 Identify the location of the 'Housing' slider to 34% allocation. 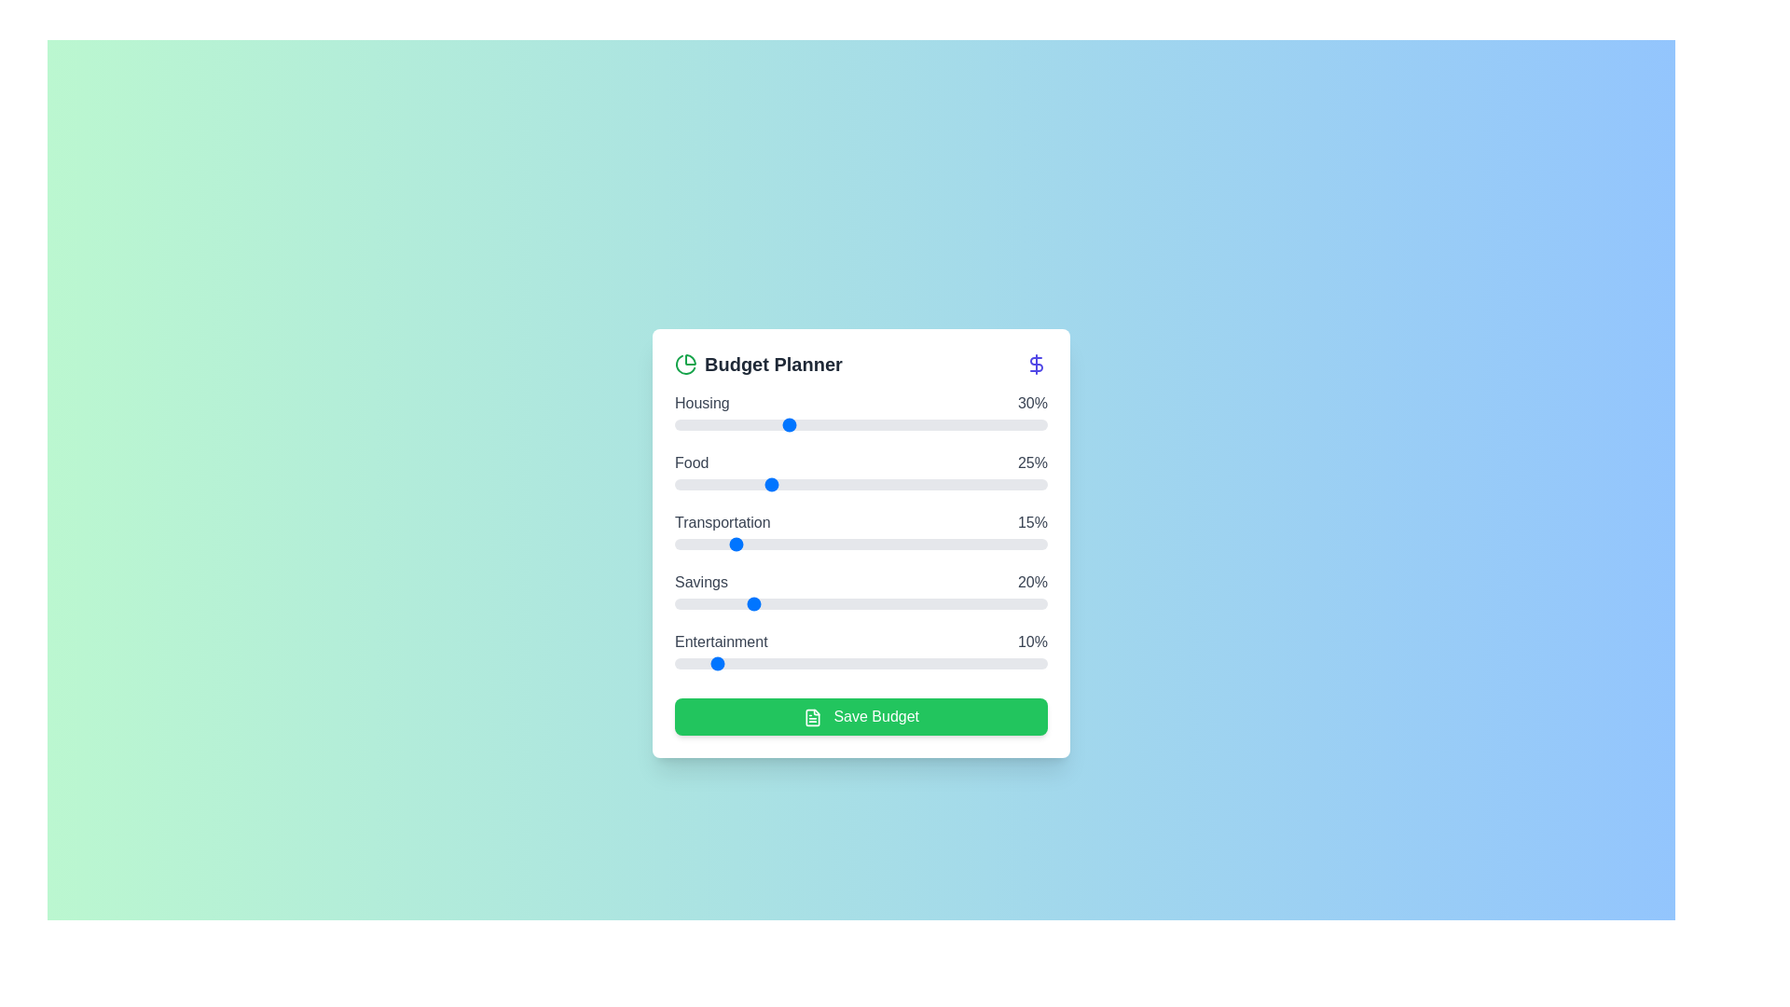
(801, 424).